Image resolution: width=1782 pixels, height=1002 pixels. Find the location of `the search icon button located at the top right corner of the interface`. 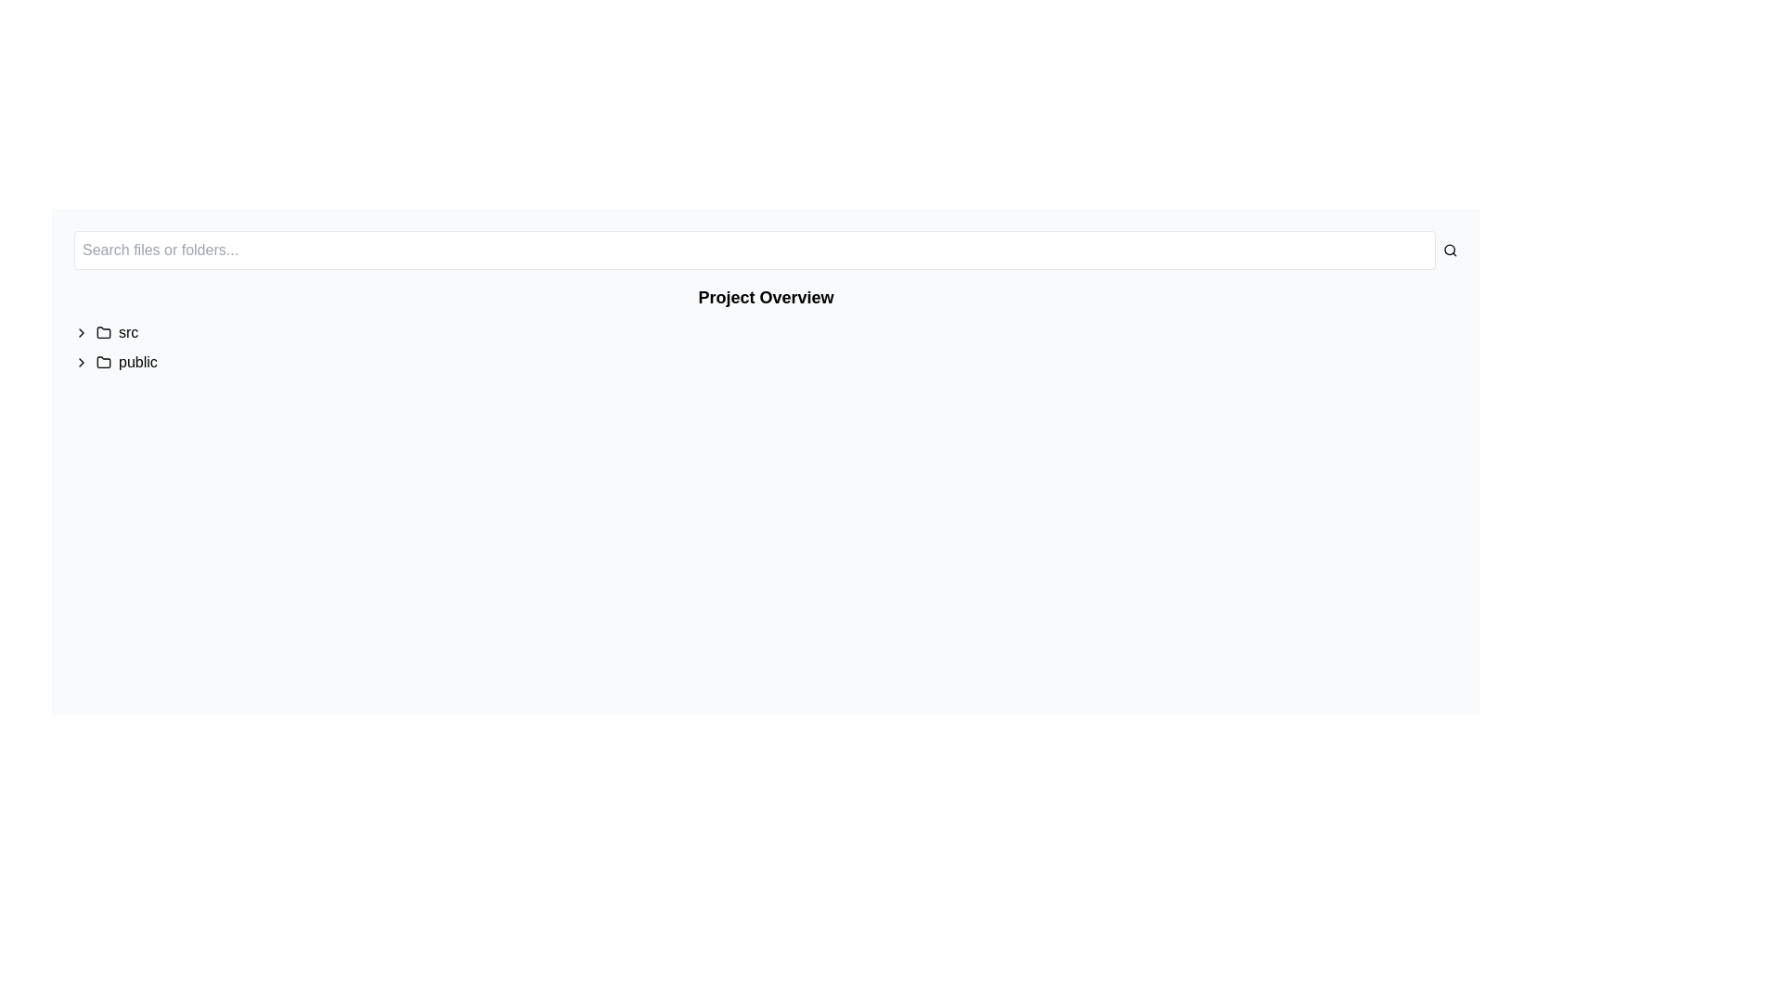

the search icon button located at the top right corner of the interface is located at coordinates (1450, 250).